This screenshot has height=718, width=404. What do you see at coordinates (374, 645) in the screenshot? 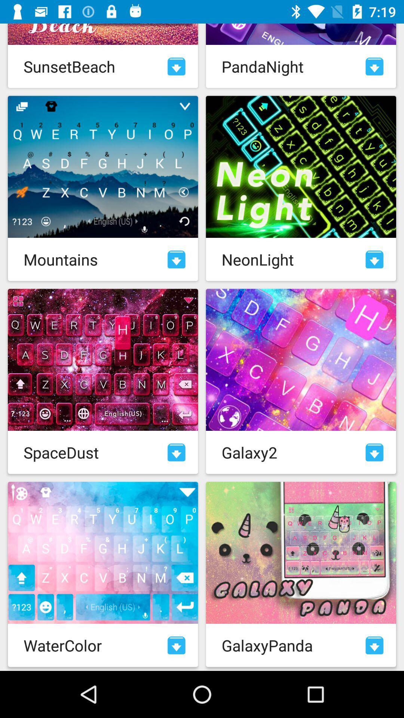
I see `download element` at bounding box center [374, 645].